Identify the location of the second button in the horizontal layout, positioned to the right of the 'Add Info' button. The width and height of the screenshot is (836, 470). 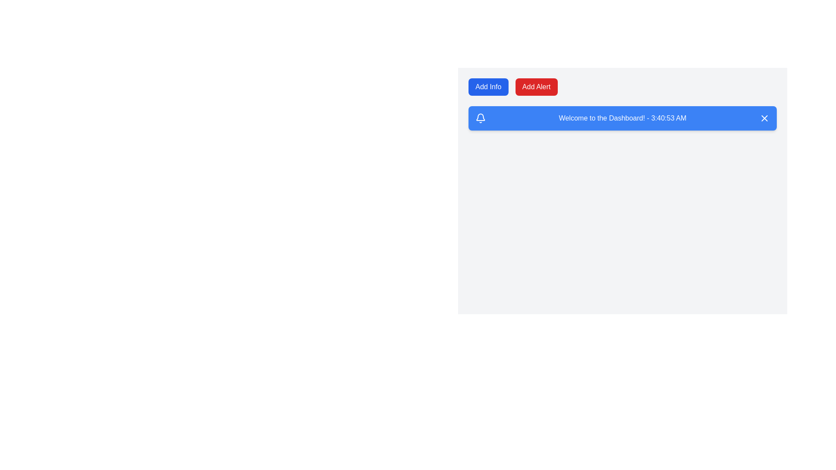
(536, 87).